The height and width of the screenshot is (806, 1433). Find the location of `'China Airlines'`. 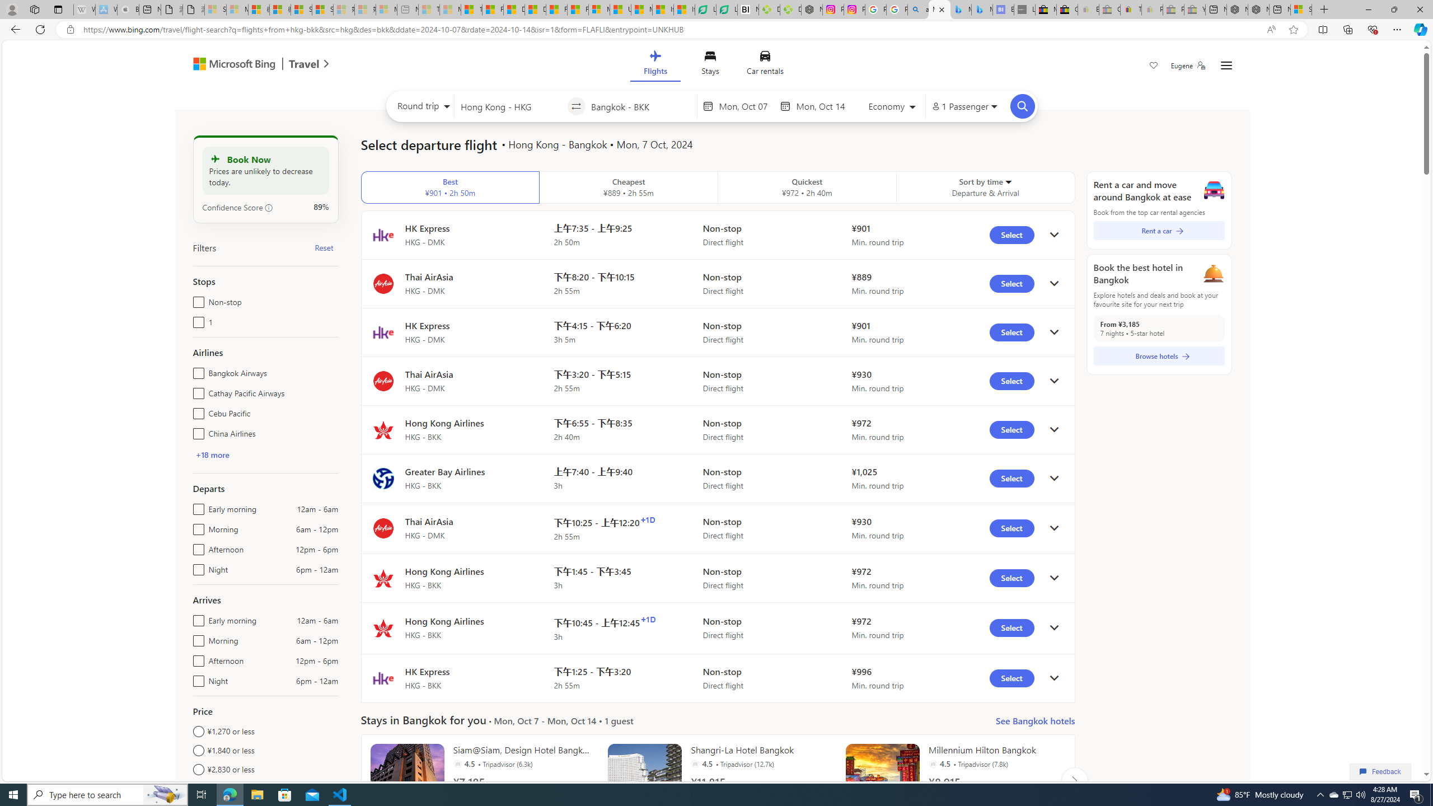

'China Airlines' is located at coordinates (196, 431).